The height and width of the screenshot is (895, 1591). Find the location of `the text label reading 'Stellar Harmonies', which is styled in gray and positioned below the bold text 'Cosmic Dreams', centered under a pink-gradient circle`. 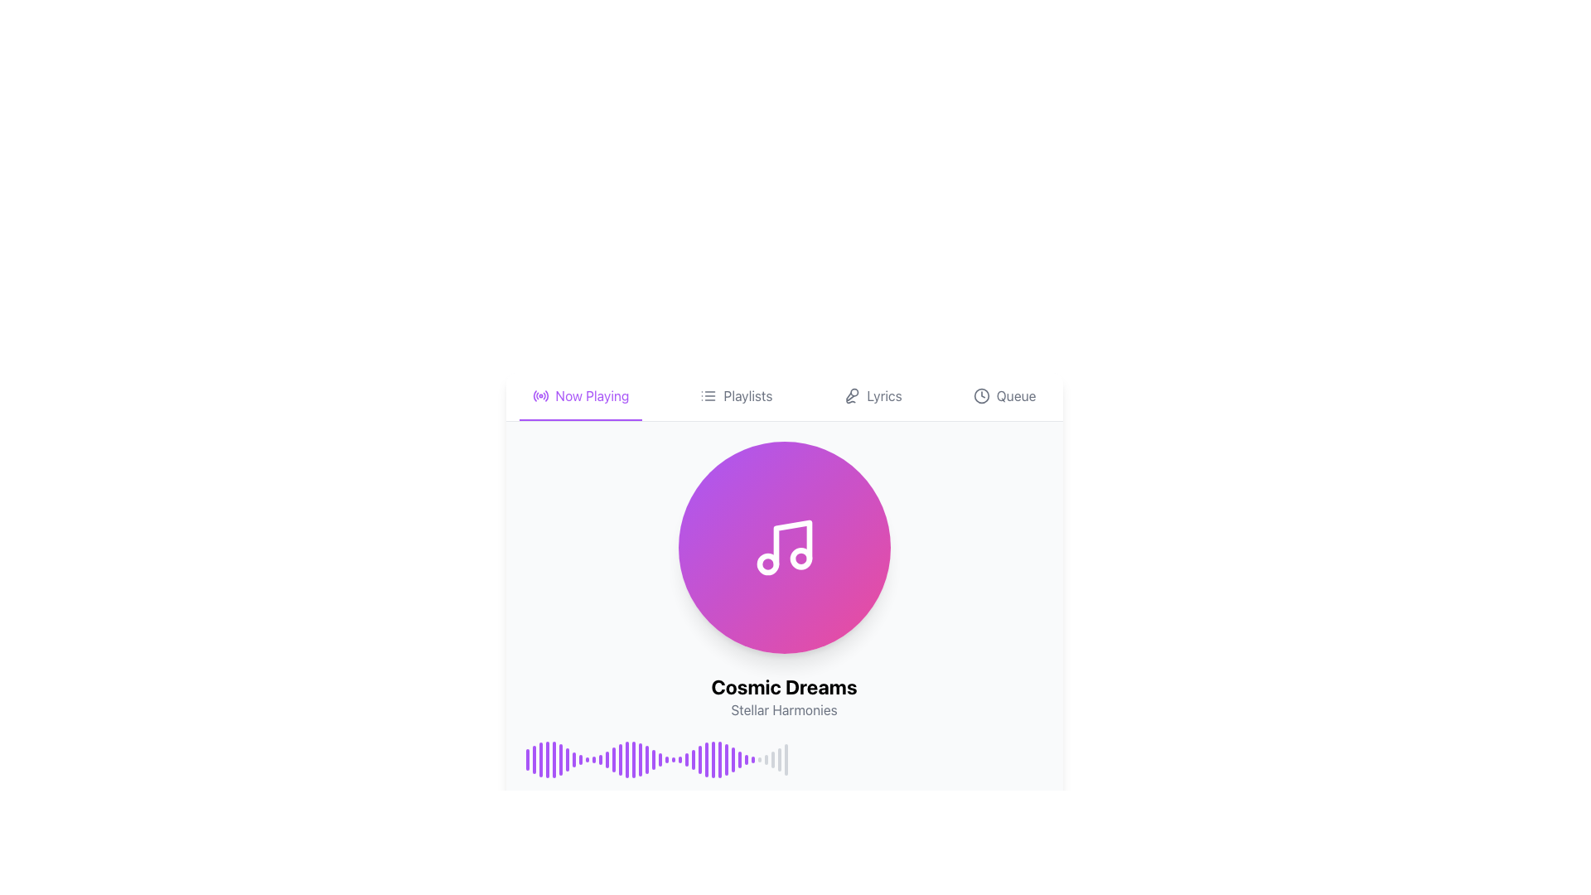

the text label reading 'Stellar Harmonies', which is styled in gray and positioned below the bold text 'Cosmic Dreams', centered under a pink-gradient circle is located at coordinates (783, 709).